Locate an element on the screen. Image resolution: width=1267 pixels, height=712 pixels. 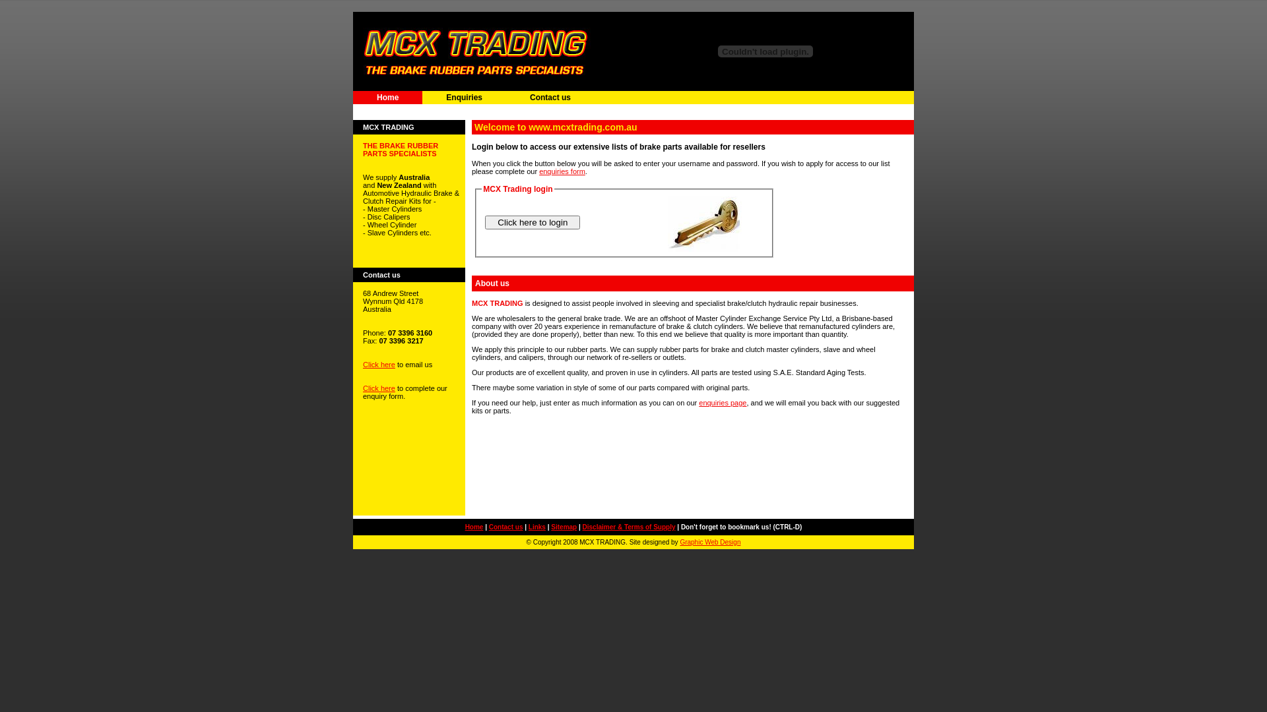
'Click here' is located at coordinates (378, 364).